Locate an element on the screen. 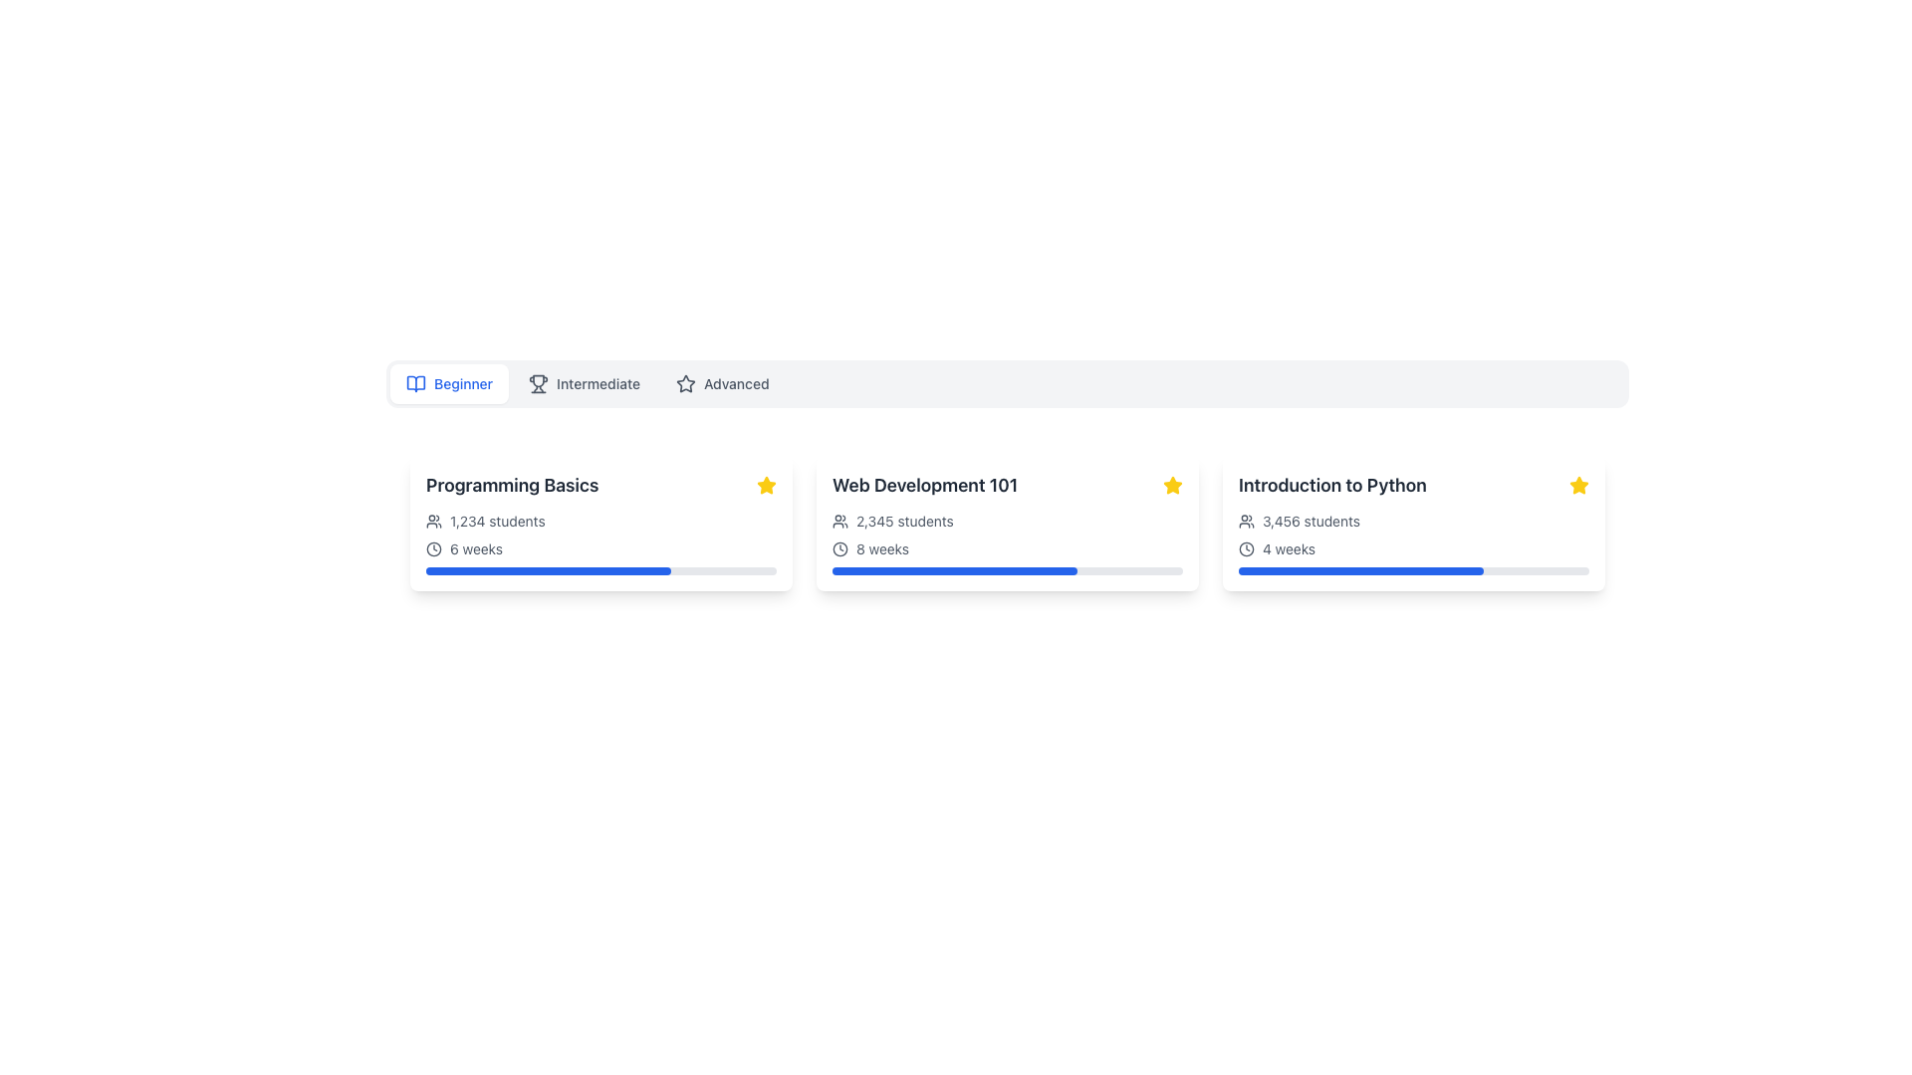 The image size is (1912, 1075). the 'Beginner' button is located at coordinates (448, 383).